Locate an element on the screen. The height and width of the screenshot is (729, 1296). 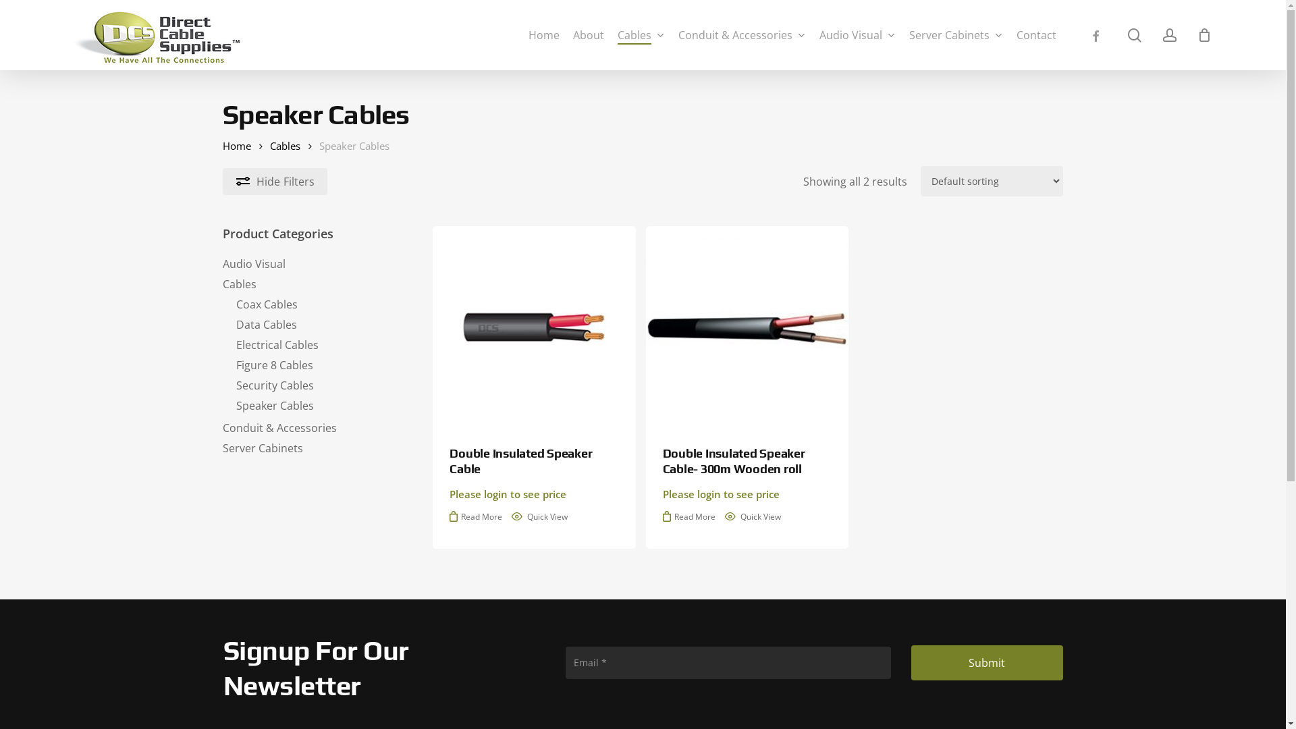
'Figure 8 Cables' is located at coordinates (317, 364).